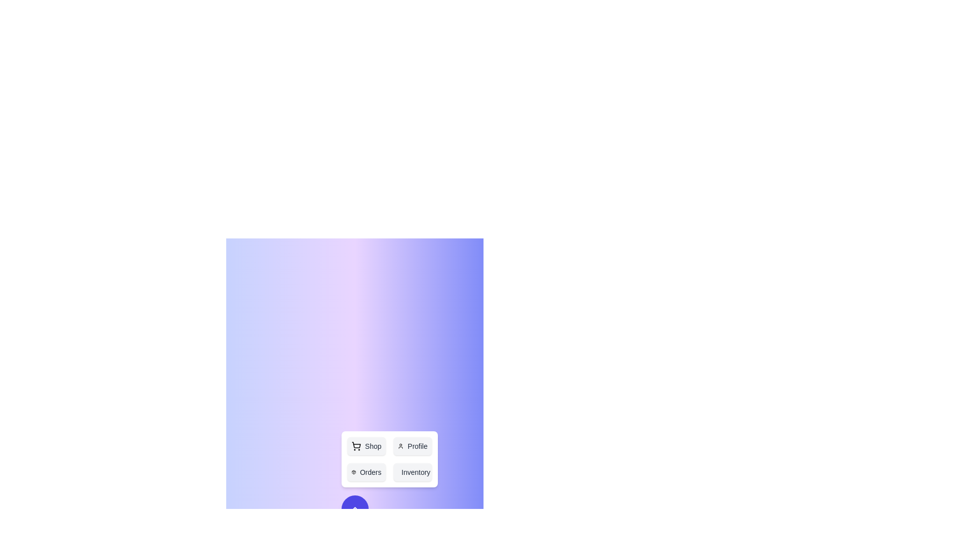 The height and width of the screenshot is (541, 963). What do you see at coordinates (355, 508) in the screenshot?
I see `toggle button to change the visibility of the action menu` at bounding box center [355, 508].